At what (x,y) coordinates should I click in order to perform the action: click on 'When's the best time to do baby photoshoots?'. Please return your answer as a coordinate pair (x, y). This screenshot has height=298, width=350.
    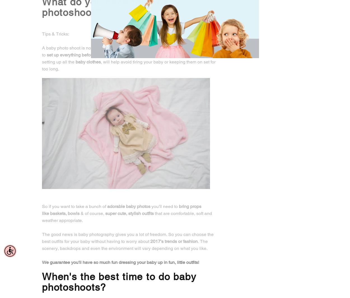
    Looking at the image, I should click on (119, 282).